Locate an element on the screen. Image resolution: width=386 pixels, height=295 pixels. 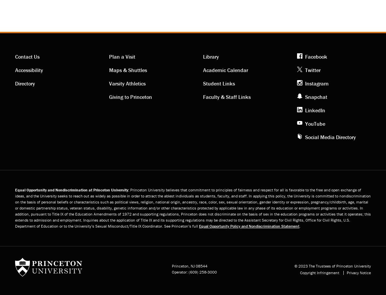
'Social Media Directory' is located at coordinates (330, 136).